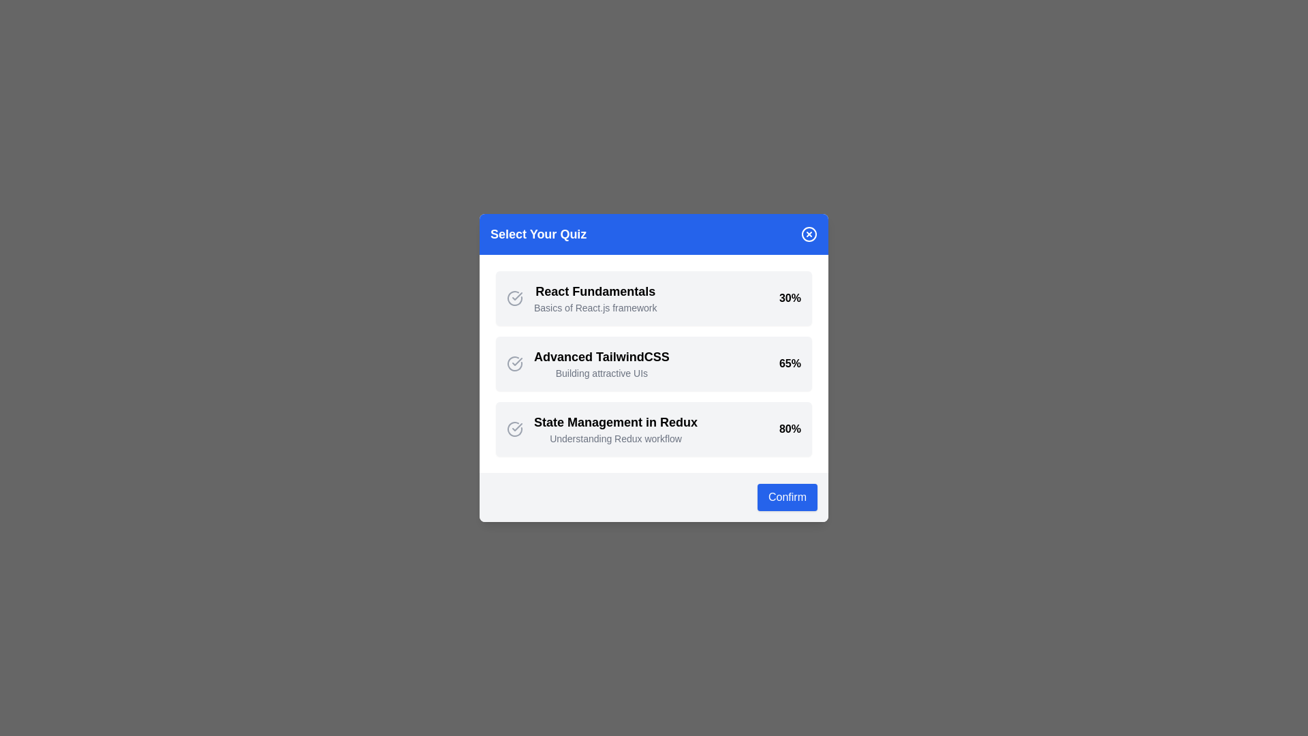 Image resolution: width=1308 pixels, height=736 pixels. I want to click on Confirm button to confirm the selection, so click(788, 497).